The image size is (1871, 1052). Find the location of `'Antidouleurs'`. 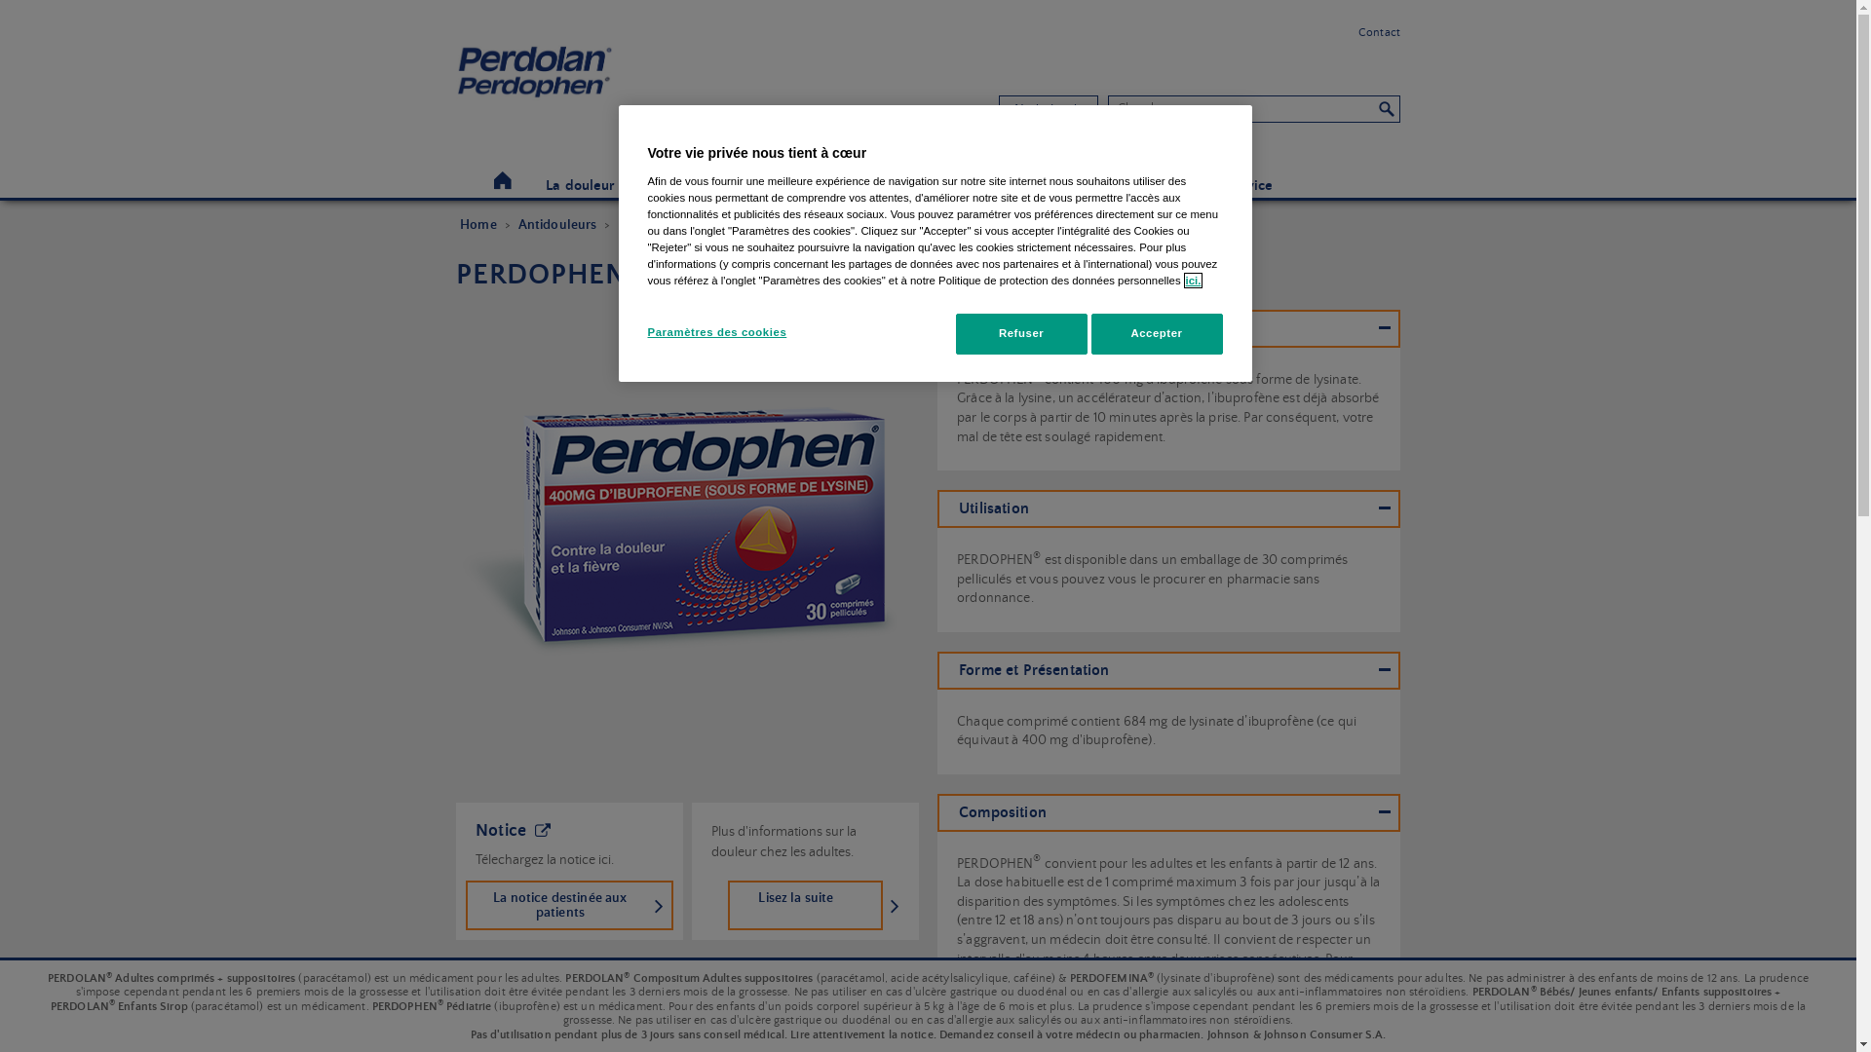

'Antidouleurs' is located at coordinates (556, 224).